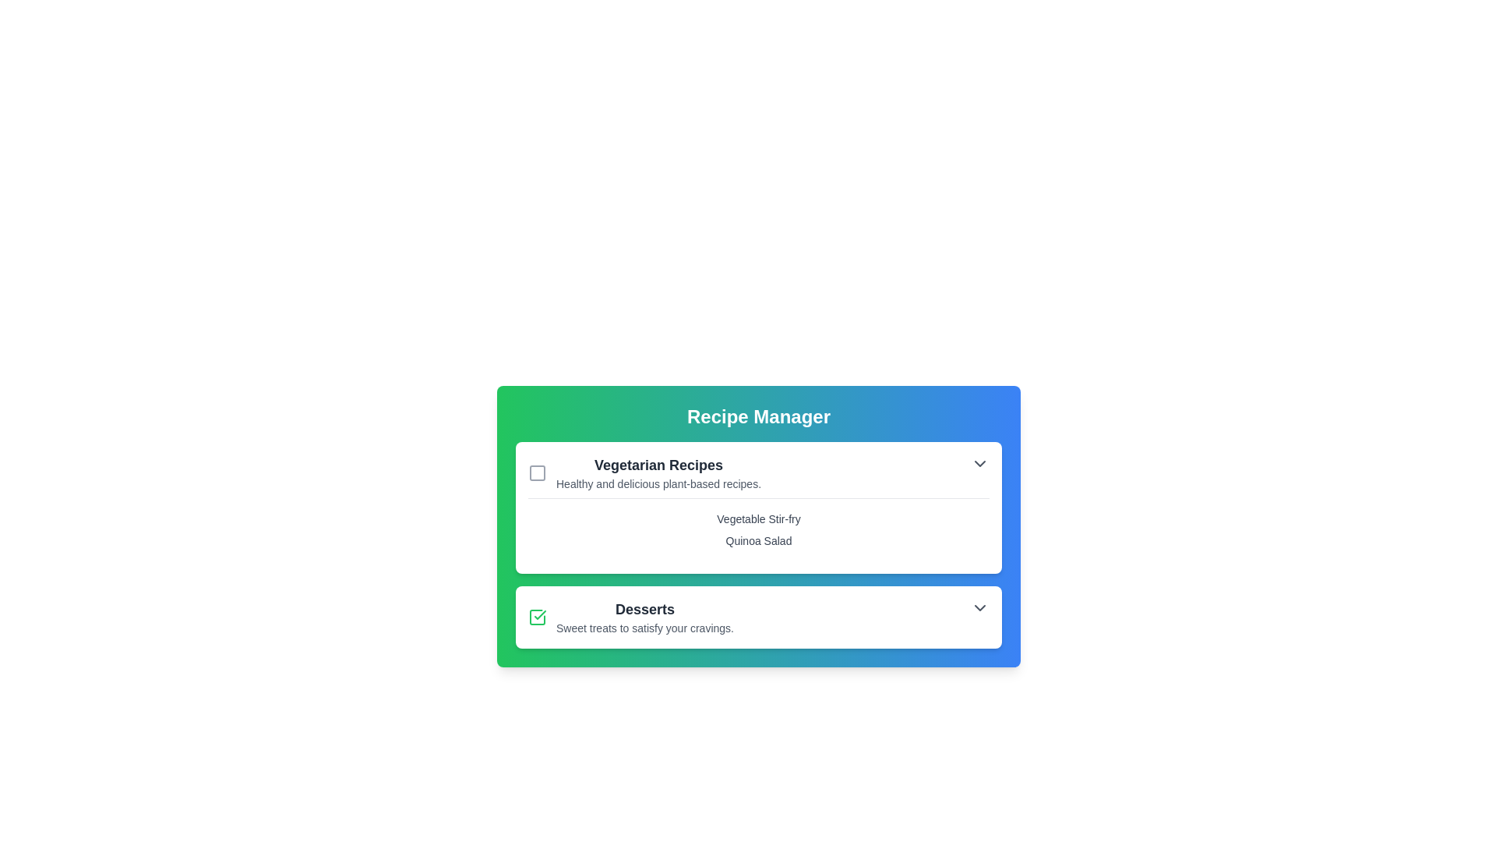 The height and width of the screenshot is (842, 1496). Describe the element at coordinates (658, 465) in the screenshot. I see `the 'Vegetarian Recipes' text label located at the top of the first content card in the 'Recipe Manager' interface` at that location.